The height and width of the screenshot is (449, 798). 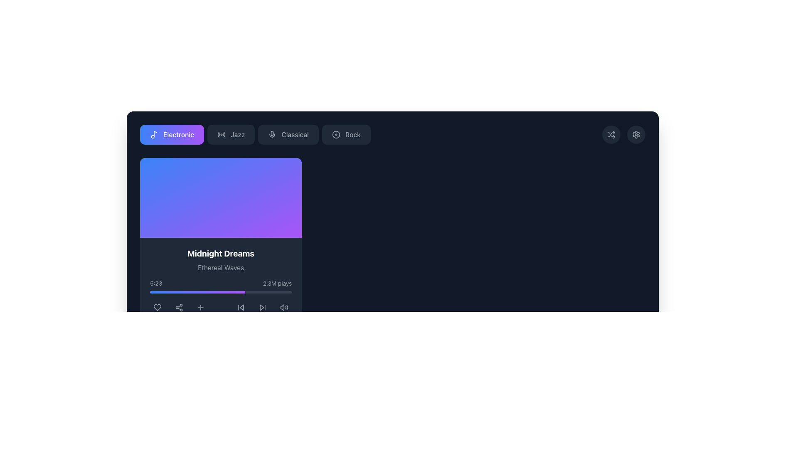 What do you see at coordinates (636, 134) in the screenshot?
I see `the circular button with a gear-shaped icon in the top-right corner of the interface` at bounding box center [636, 134].